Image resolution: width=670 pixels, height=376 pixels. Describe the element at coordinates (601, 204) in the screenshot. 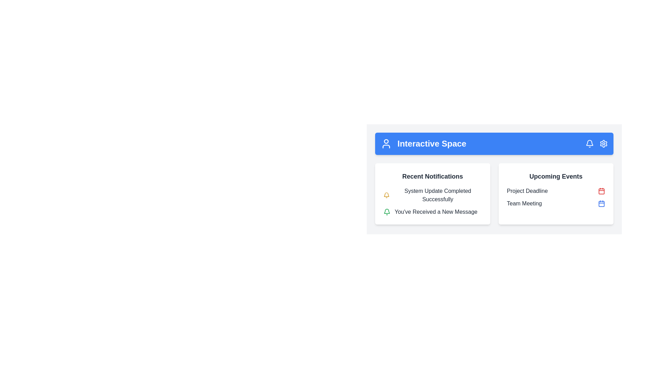

I see `the blue calendar icon located to the right of the 'Team Meeting' text in the 'Upcoming Events' section` at that location.